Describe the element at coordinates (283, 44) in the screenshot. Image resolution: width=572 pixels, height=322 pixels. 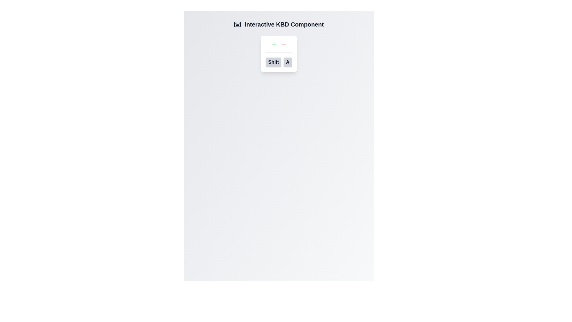
I see `the red minus icon in the Interactive KBD Component to change its color to a darker red` at that location.